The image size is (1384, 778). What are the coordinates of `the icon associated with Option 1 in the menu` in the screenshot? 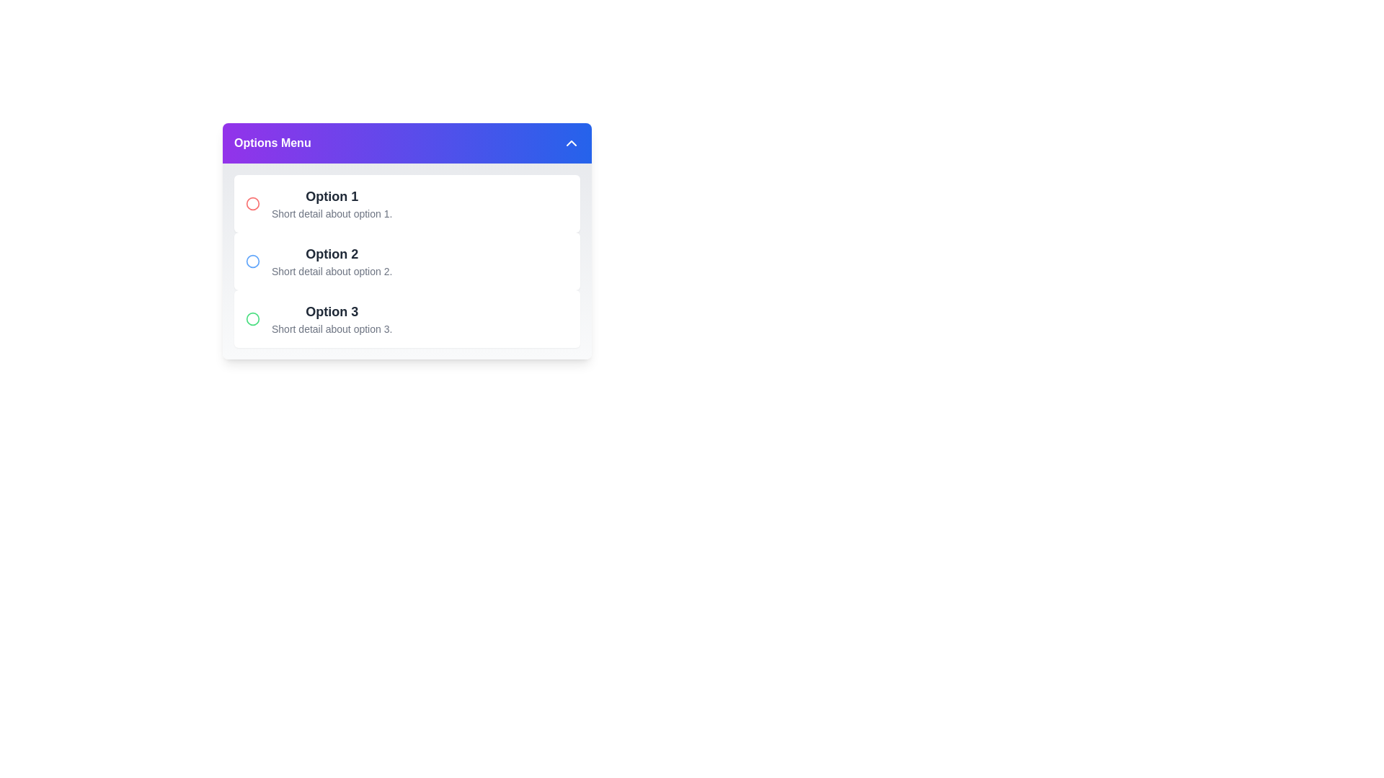 It's located at (252, 203).